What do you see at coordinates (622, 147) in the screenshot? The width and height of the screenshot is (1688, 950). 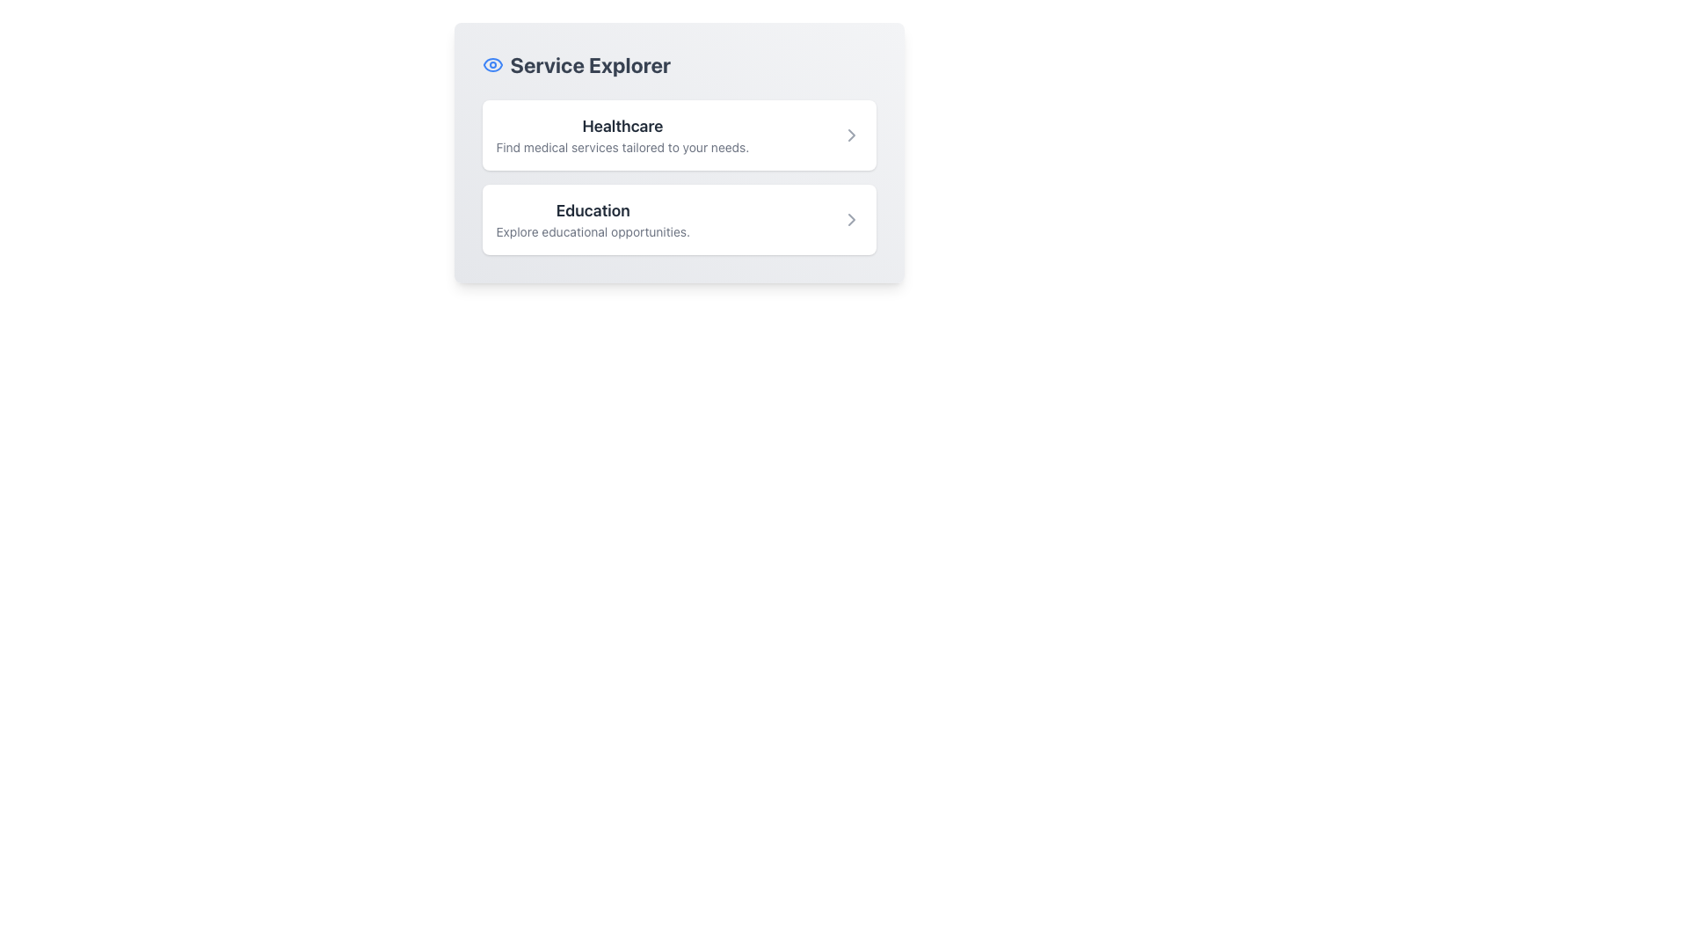 I see `the descriptive subtitle text 'Find medical services tailored to your needs.' located below the main title 'Healthcare' in the Healthcare block` at bounding box center [622, 147].